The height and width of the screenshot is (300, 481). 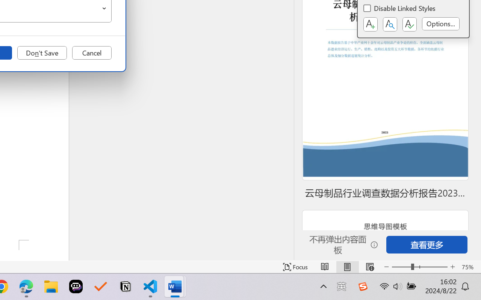 I want to click on 'Options...', so click(x=440, y=23).